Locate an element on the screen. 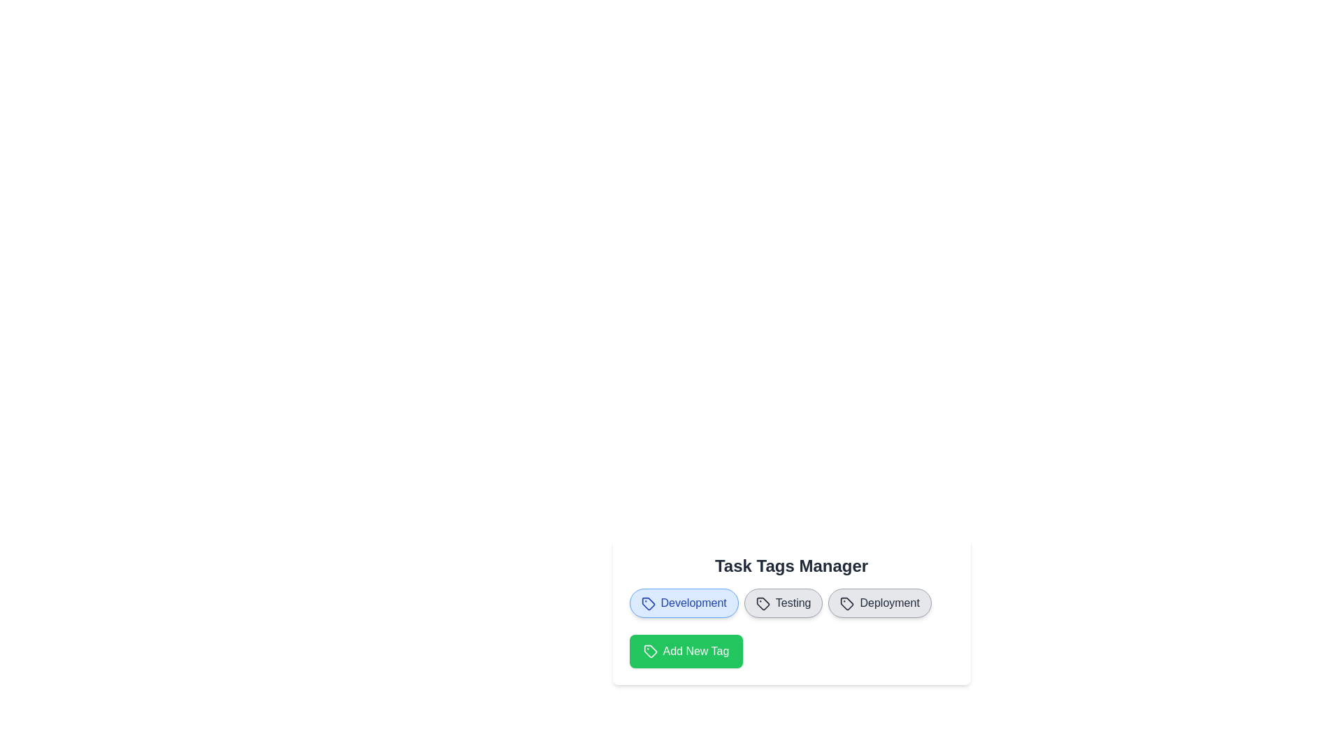 This screenshot has height=755, width=1342. the 'Testing' button in the 'Task Tags Manager' is located at coordinates (784, 603).